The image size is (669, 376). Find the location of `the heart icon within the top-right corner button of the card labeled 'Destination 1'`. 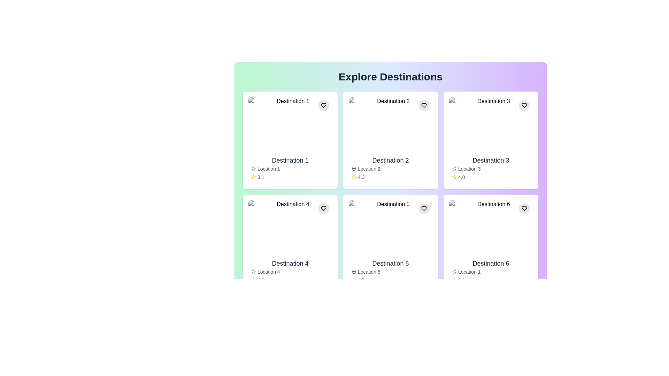

the heart icon within the top-right corner button of the card labeled 'Destination 1' is located at coordinates (323, 105).